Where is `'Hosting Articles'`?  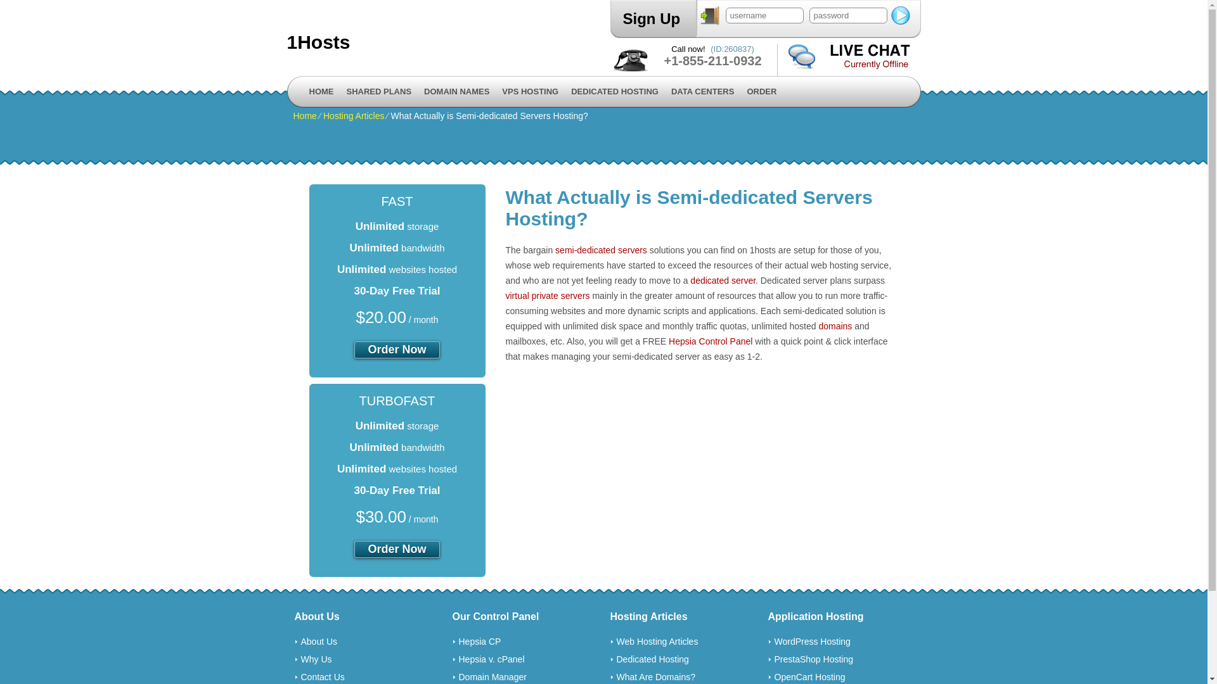
'Hosting Articles' is located at coordinates (353, 115).